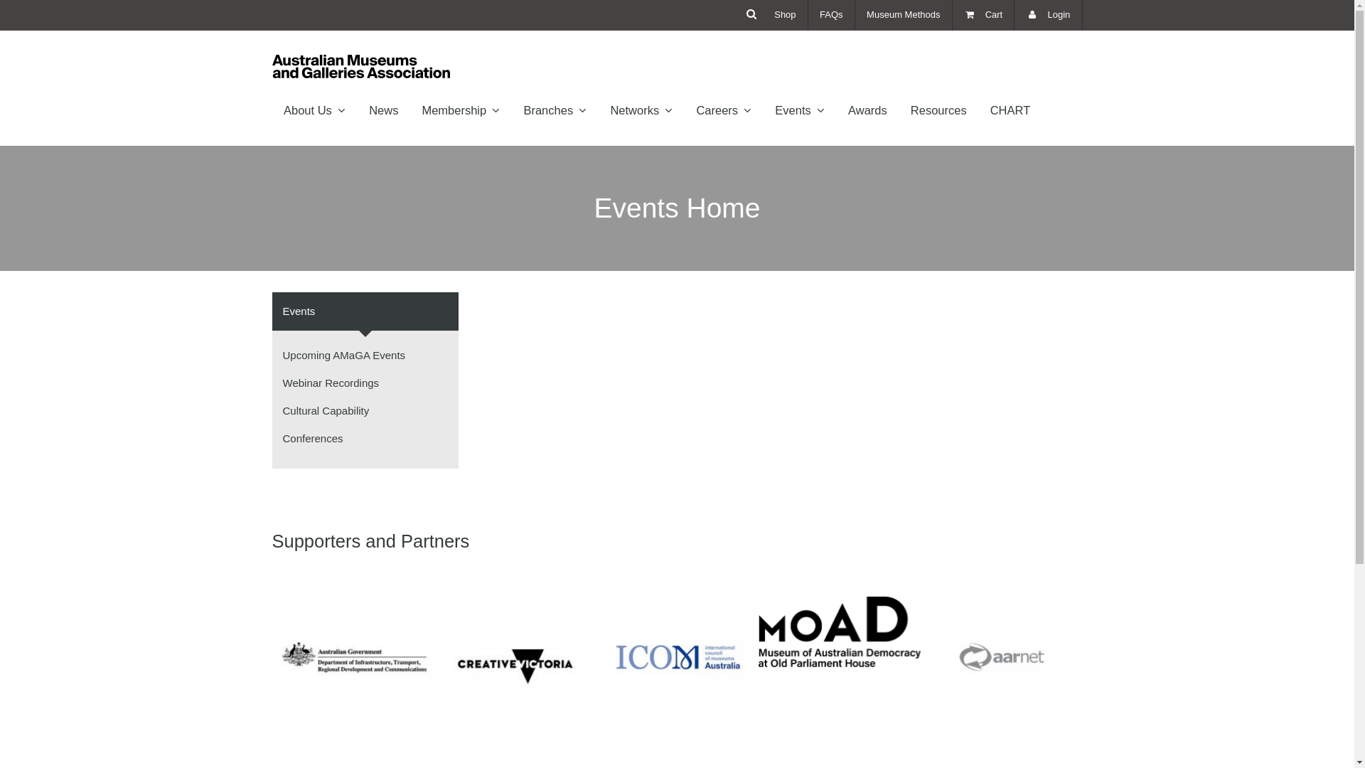  I want to click on 'Membership', so click(461, 109).